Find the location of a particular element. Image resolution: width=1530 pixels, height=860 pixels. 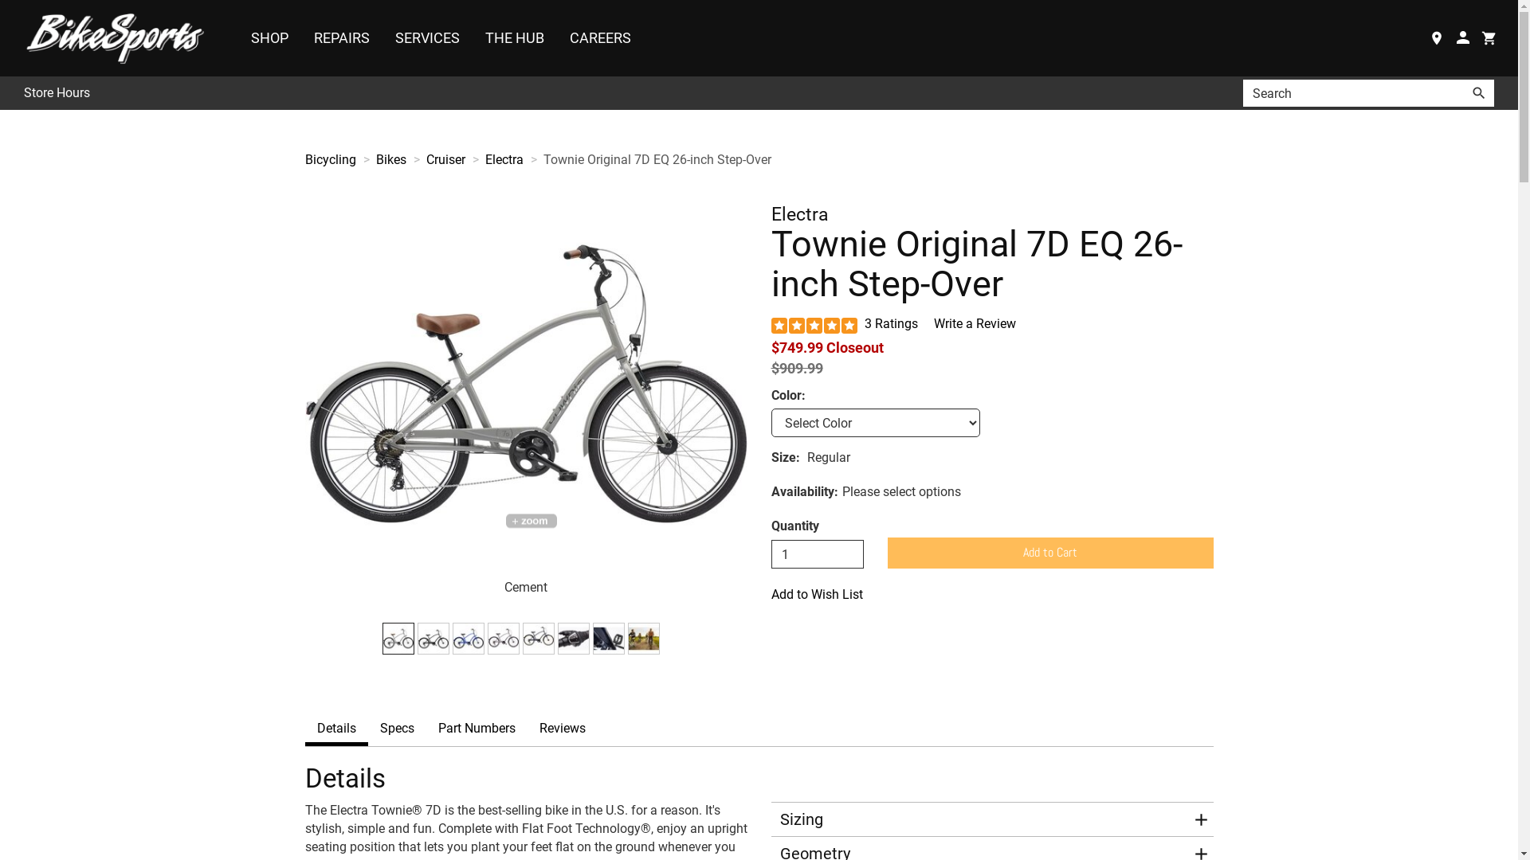

'Cart' is located at coordinates (1488, 37).